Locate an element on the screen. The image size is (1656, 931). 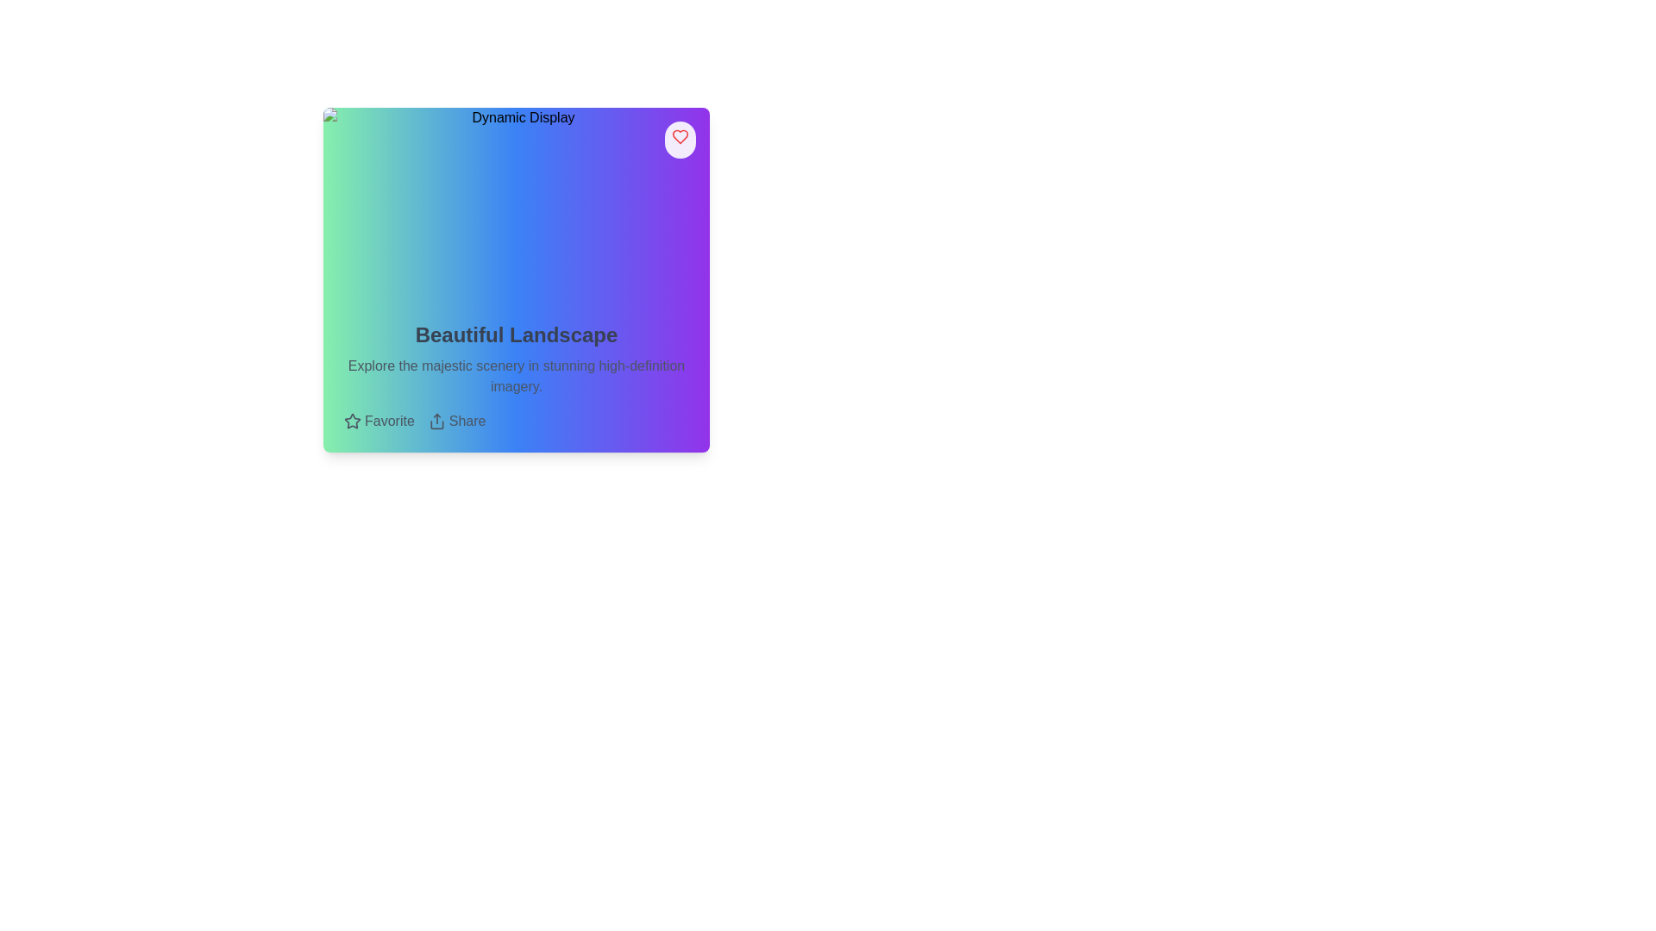
the image placeholder at the top section of the card layout to enlarge or view details of the image is located at coordinates (516, 203).